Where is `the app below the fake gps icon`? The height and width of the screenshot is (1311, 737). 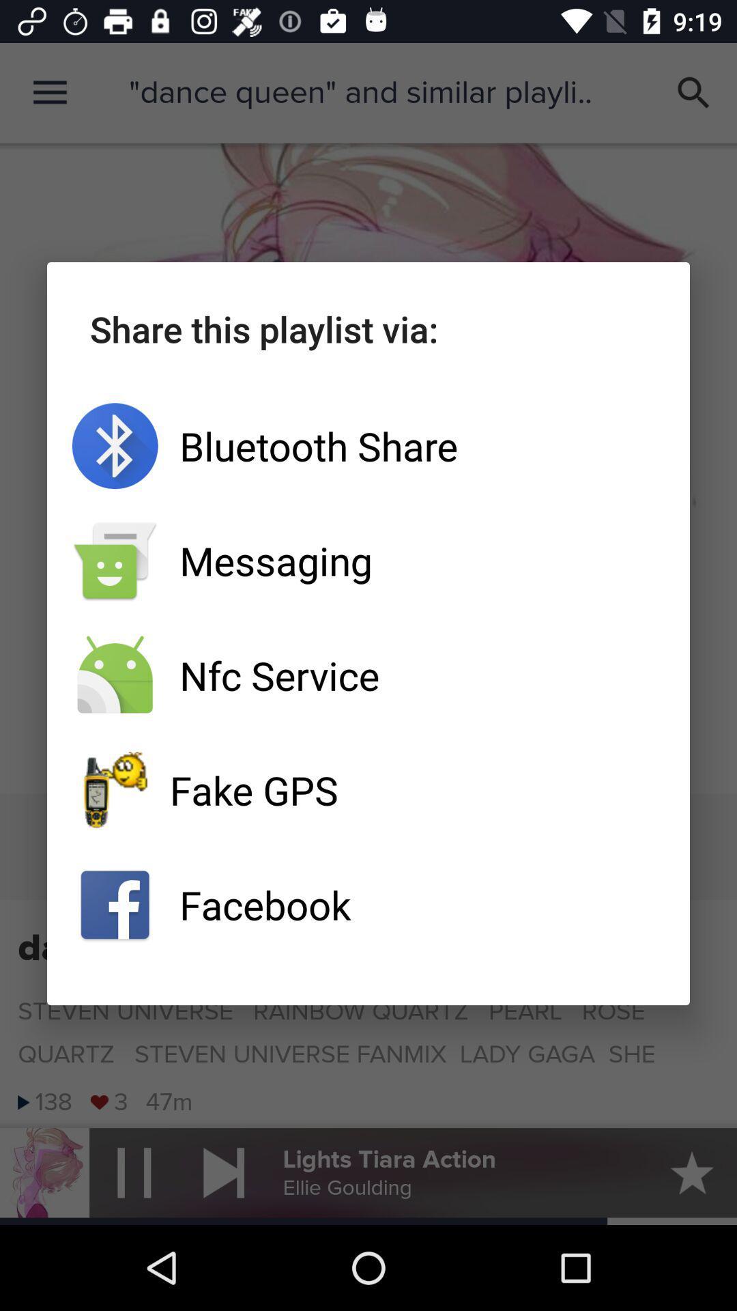
the app below the fake gps icon is located at coordinates (369, 905).